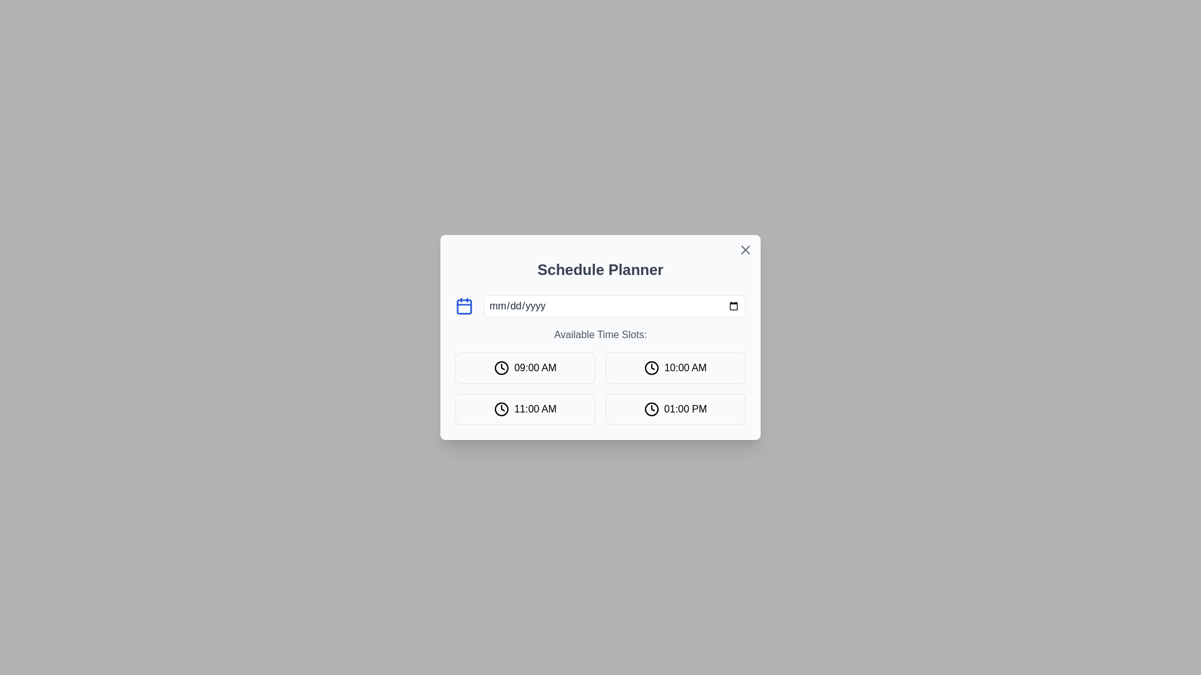 The image size is (1201, 675). What do you see at coordinates (651, 367) in the screenshot?
I see `the clock icon which has a circular border and clock hands, positioned to the left of the text '10:00 AM'` at bounding box center [651, 367].